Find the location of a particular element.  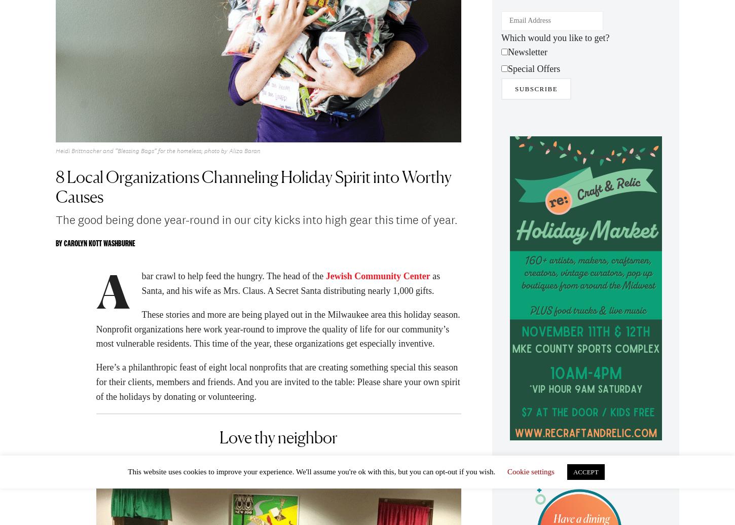

'This website uses cookies to improve your experience. We'll assume you're ok with this, but you can opt-out if you wish.' is located at coordinates (312, 471).